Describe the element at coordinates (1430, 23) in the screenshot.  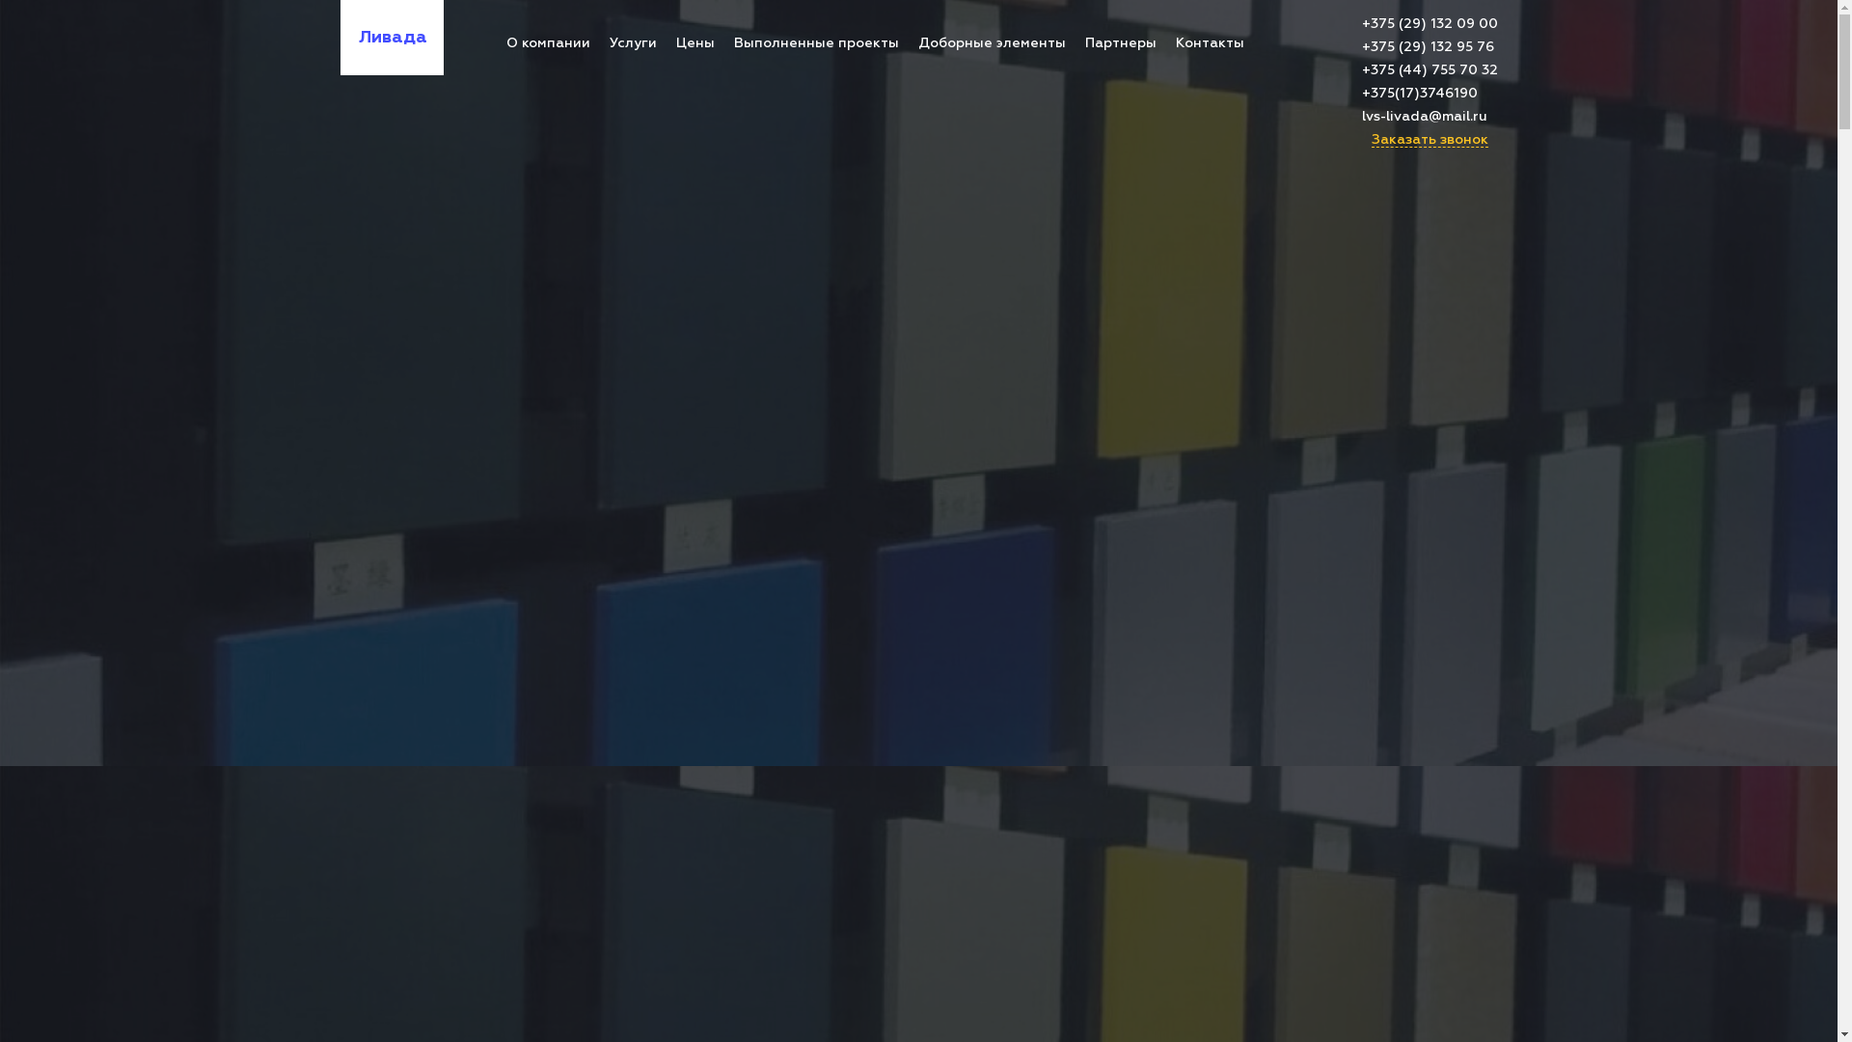
I see `'+375 (29) 132 09 00'` at that location.